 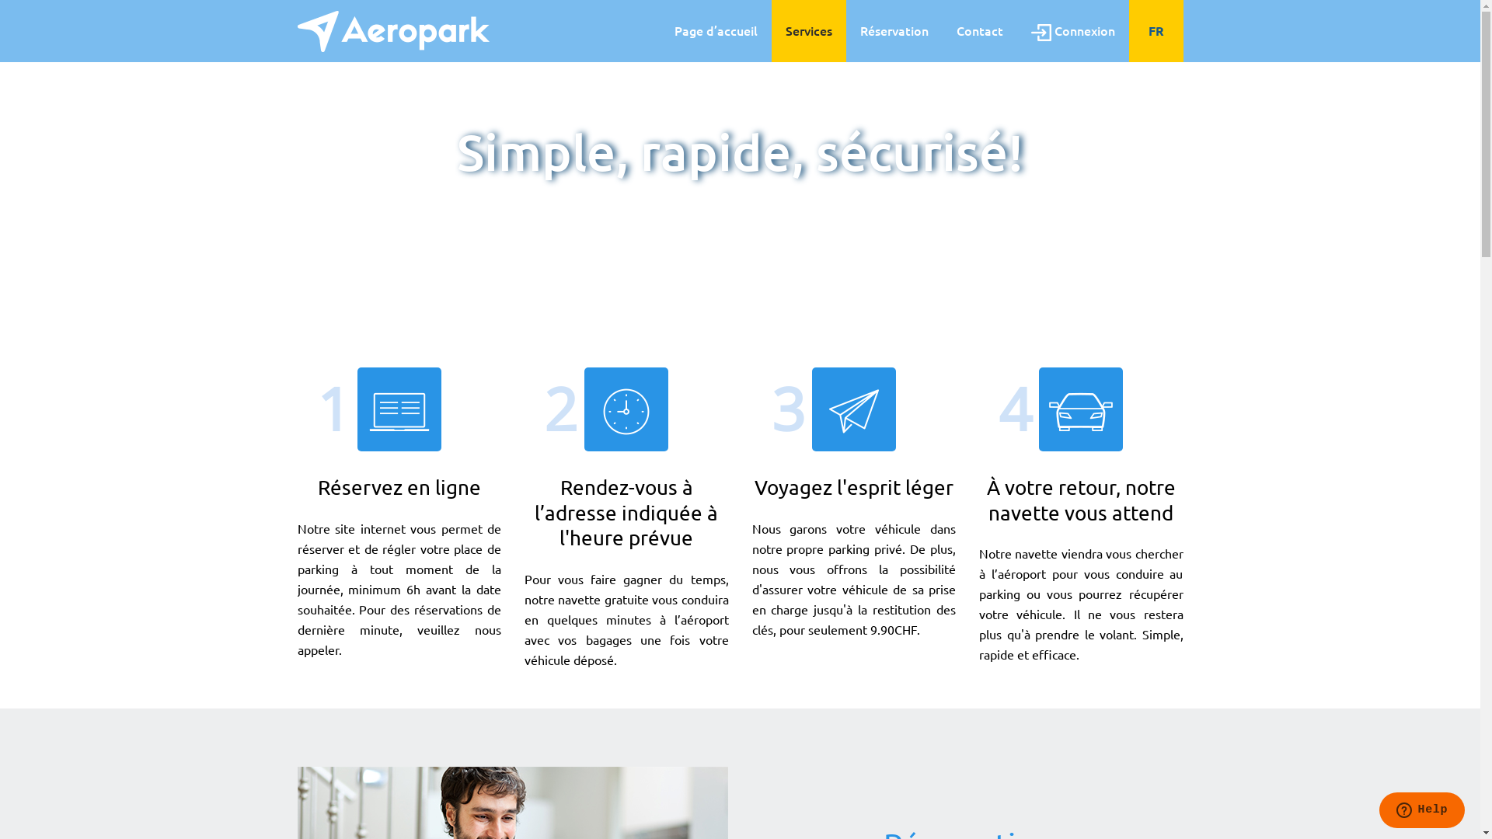 I want to click on 'Connexion', so click(x=1072, y=30).